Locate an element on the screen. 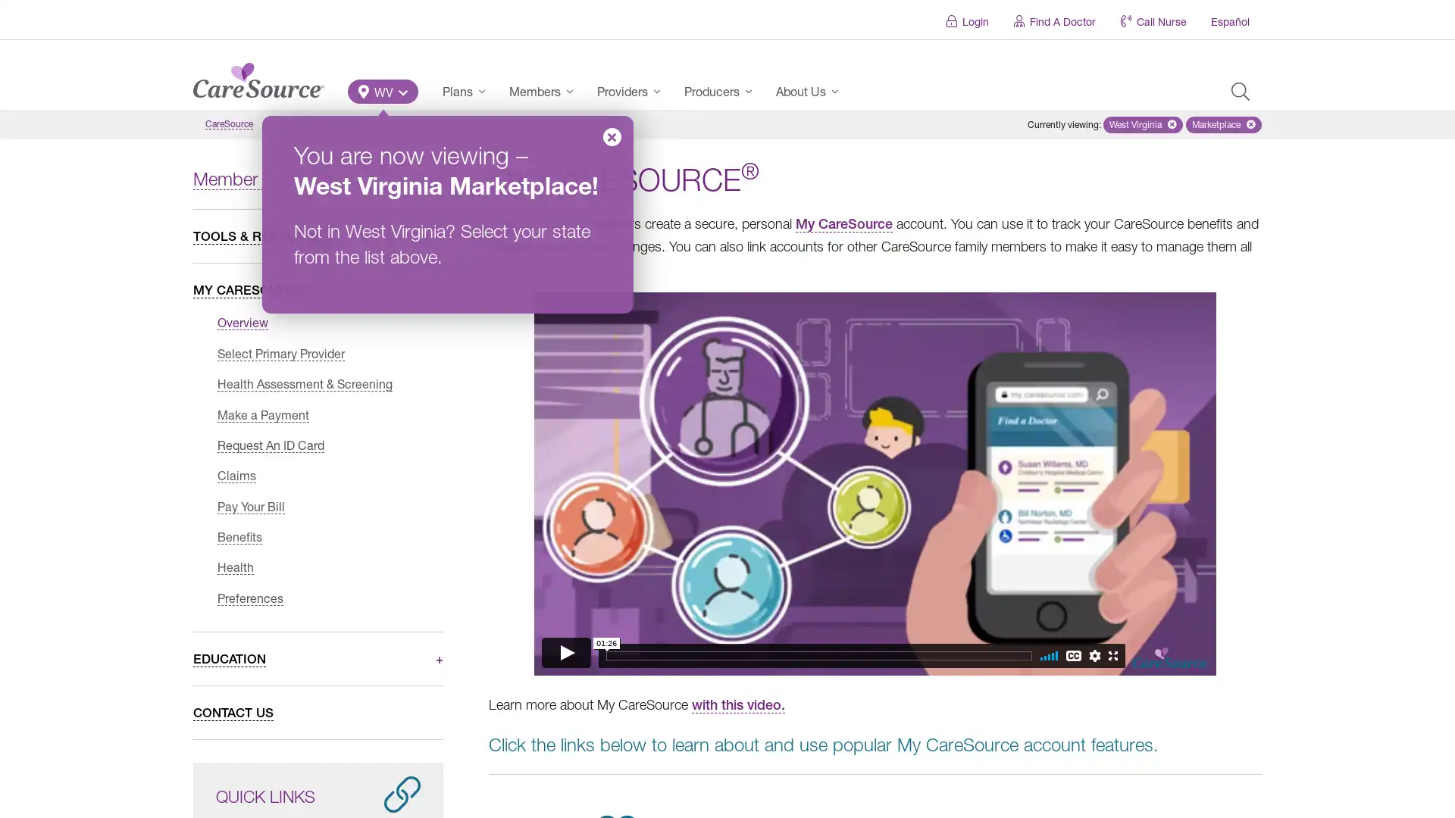 This screenshot has height=818, width=1455. Remove selected state 'West Virginia' is located at coordinates (1143, 124).